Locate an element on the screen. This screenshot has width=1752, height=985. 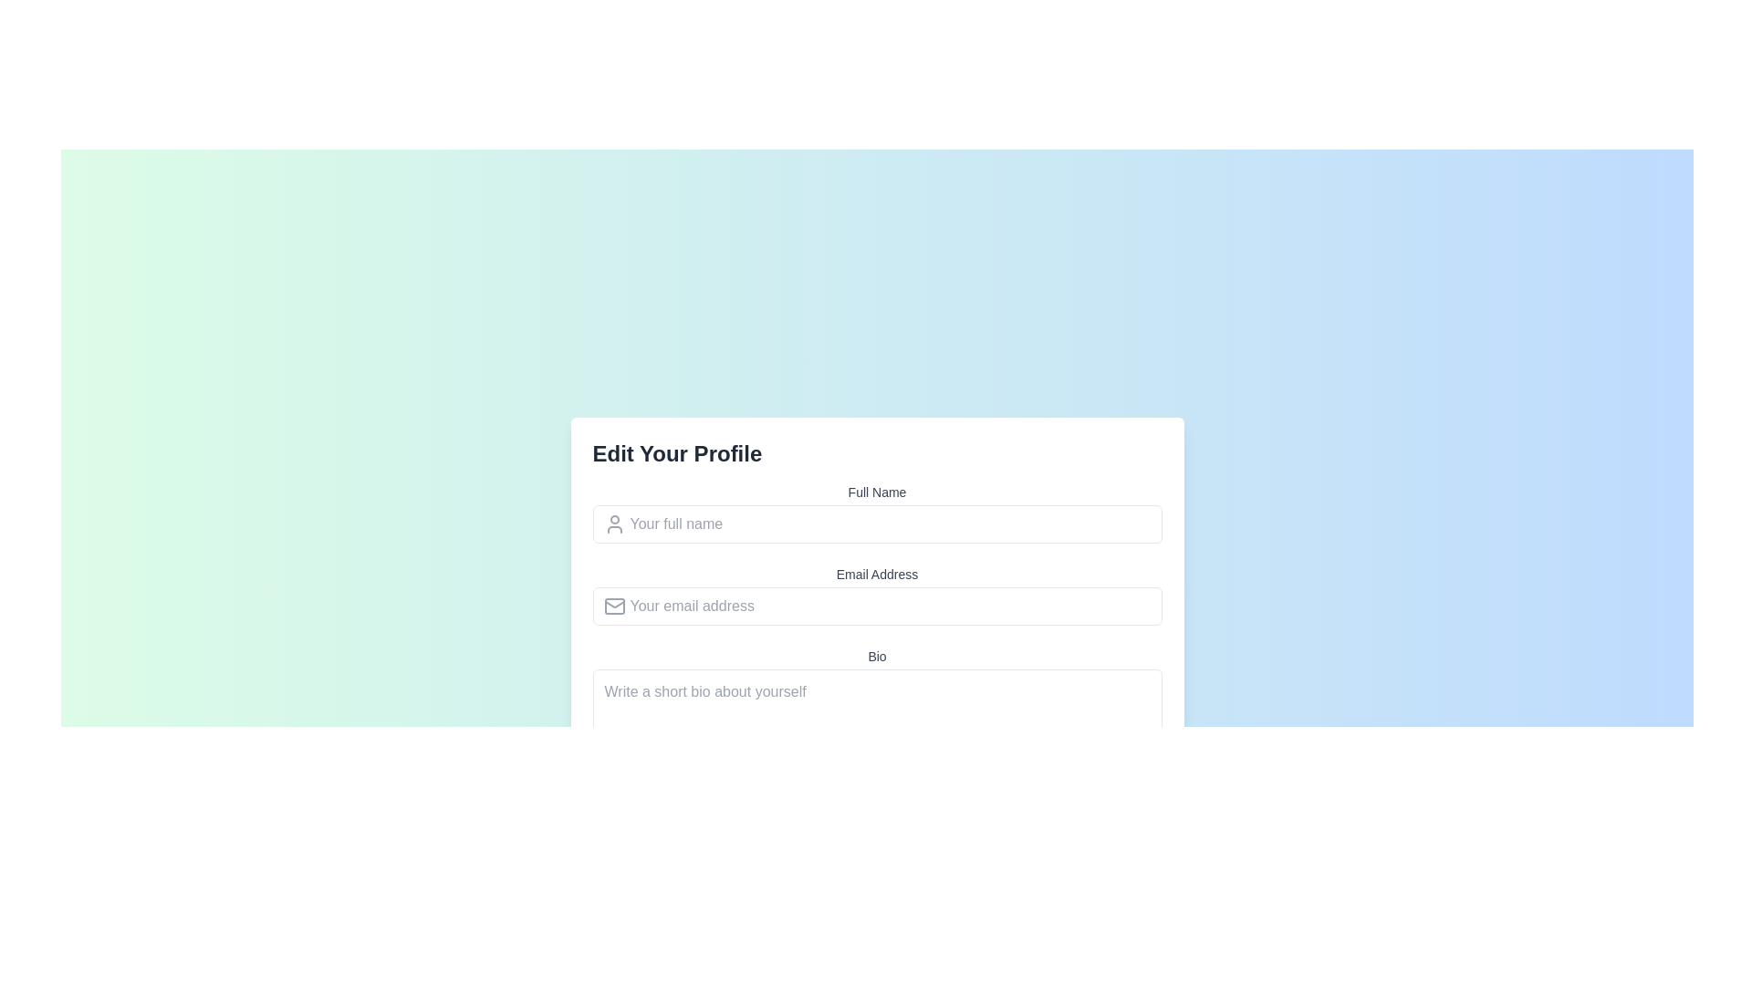
the envelope icon used for email-related actions, which is light gray and located inside the input field labeled 'Email Address' is located at coordinates (614, 606).